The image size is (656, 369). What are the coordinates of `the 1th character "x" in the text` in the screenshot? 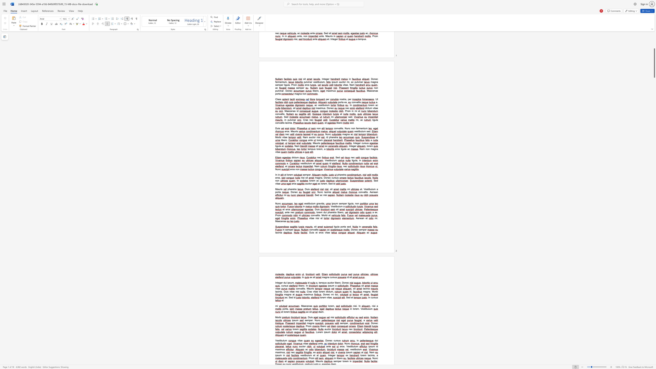 It's located at (279, 352).